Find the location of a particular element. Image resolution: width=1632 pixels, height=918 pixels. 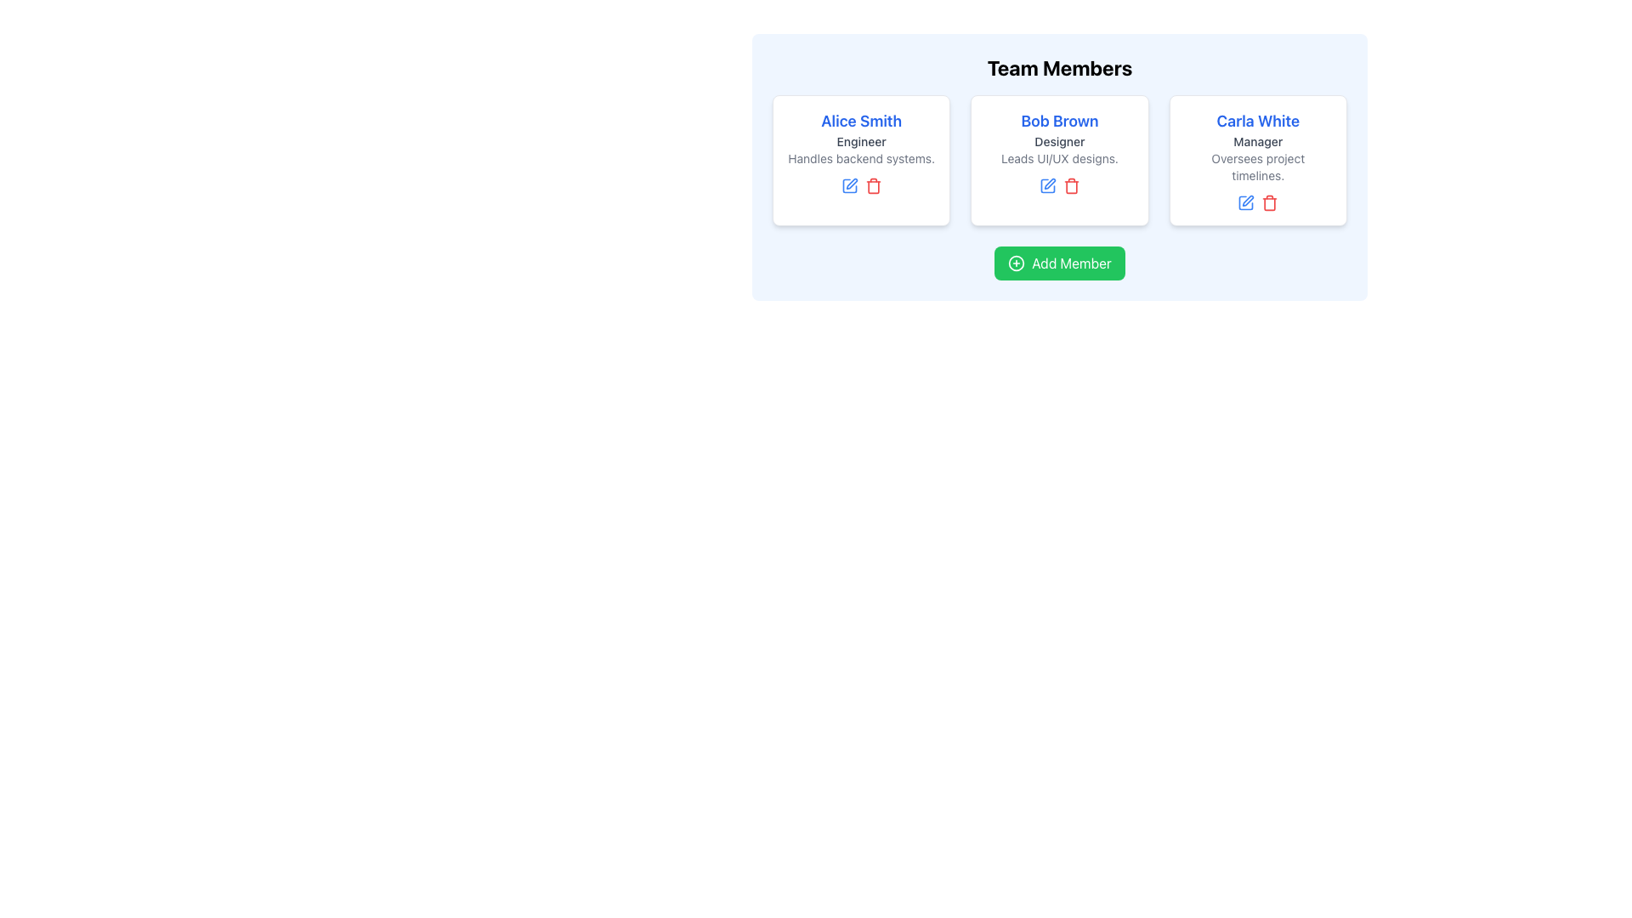

the Profile Card for 'Carla White' which contains the name in bold blue text, title in gray, and a description below it, located at the far right of the row in the team members grid is located at coordinates (1258, 161).